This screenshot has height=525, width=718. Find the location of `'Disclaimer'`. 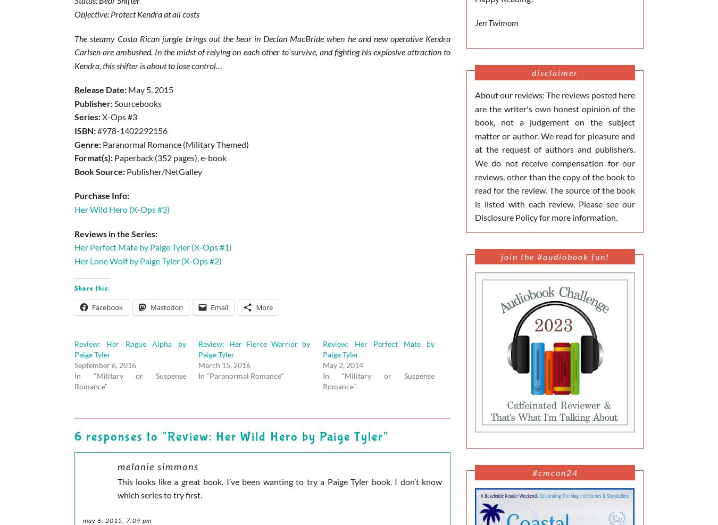

'Disclaimer' is located at coordinates (555, 72).